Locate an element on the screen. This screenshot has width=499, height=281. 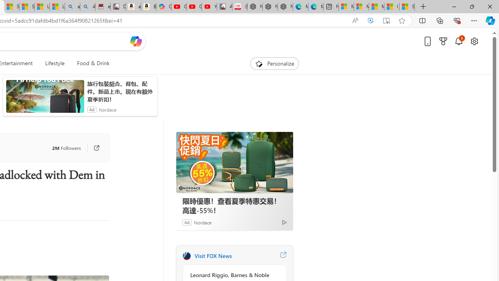
'Go to publisher' is located at coordinates (92, 148).